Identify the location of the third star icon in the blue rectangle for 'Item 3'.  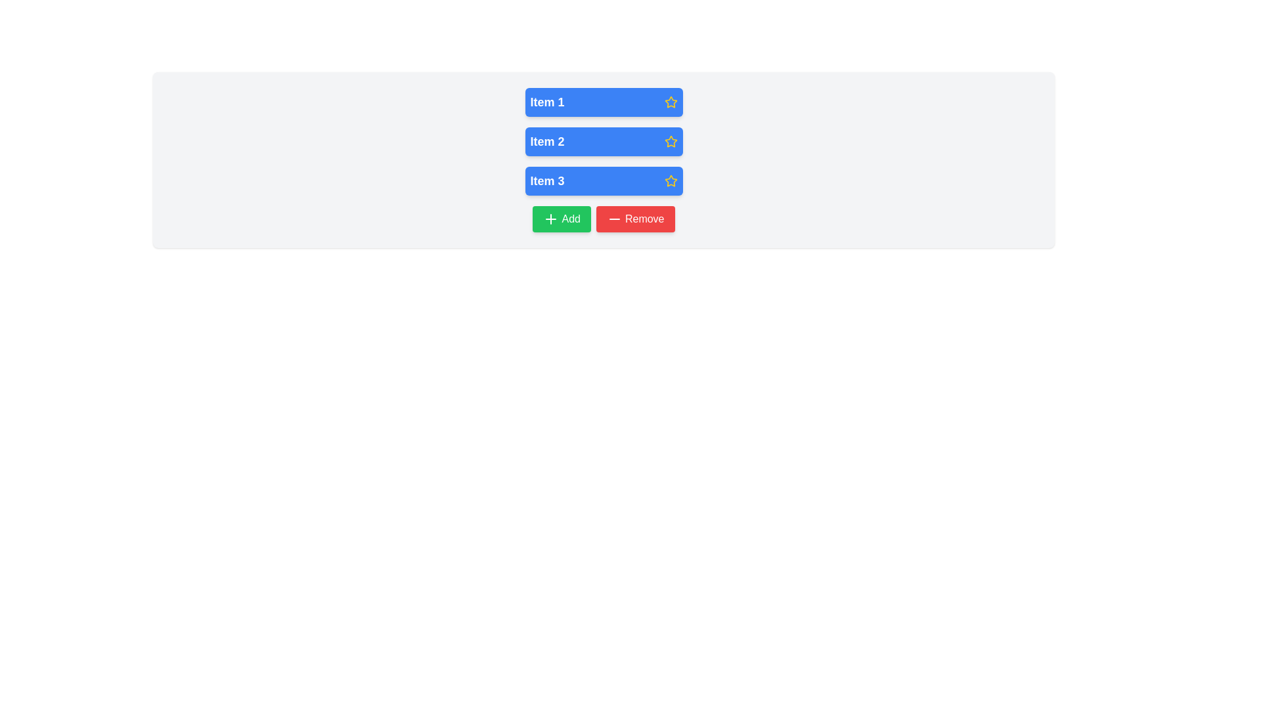
(671, 181).